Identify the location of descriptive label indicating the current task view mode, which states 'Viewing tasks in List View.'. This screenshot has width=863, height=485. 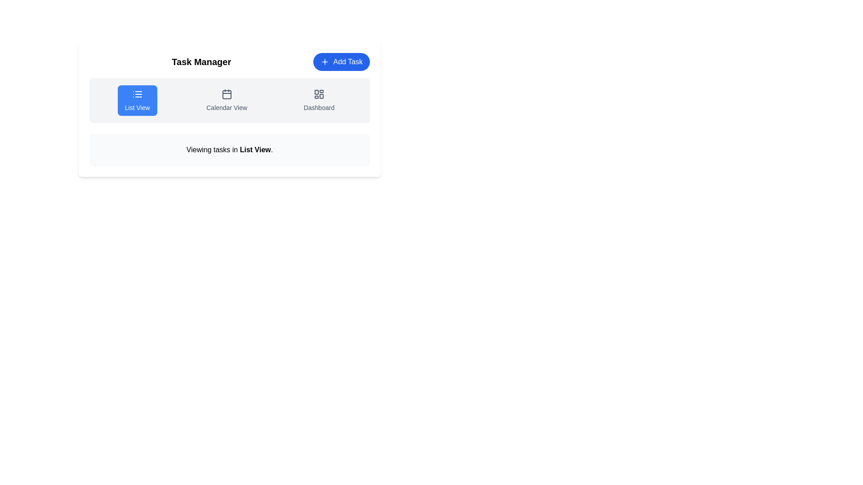
(255, 149).